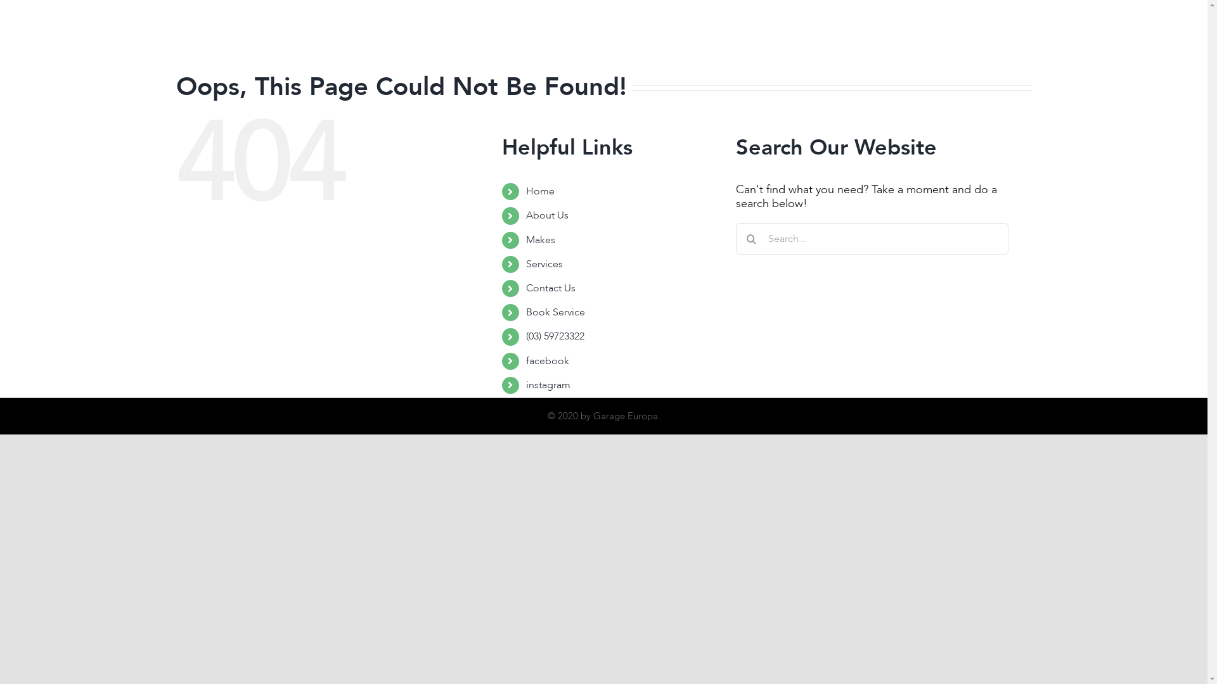 The height and width of the screenshot is (684, 1217). I want to click on 'Services', so click(666, 32).